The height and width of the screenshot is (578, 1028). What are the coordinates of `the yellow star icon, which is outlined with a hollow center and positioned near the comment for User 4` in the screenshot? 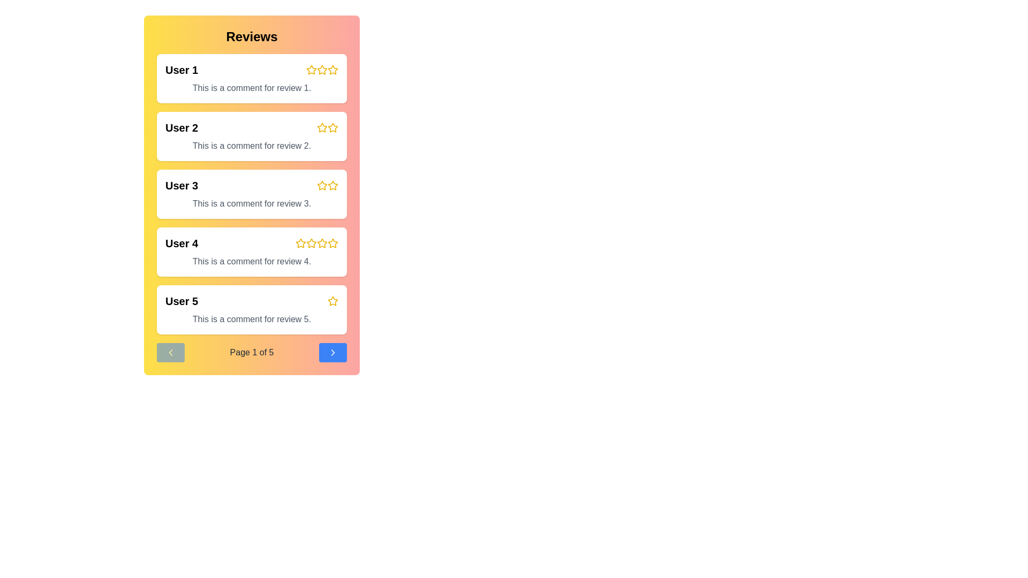 It's located at (321, 244).